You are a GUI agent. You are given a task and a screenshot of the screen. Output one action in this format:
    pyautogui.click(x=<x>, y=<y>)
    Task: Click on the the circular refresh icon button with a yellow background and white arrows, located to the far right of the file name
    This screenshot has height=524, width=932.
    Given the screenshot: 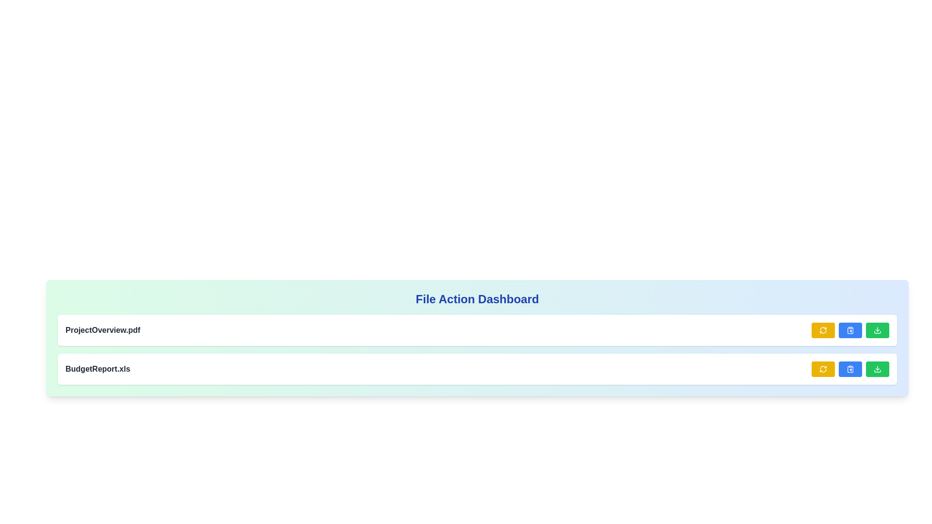 What is the action you would take?
    pyautogui.click(x=822, y=369)
    